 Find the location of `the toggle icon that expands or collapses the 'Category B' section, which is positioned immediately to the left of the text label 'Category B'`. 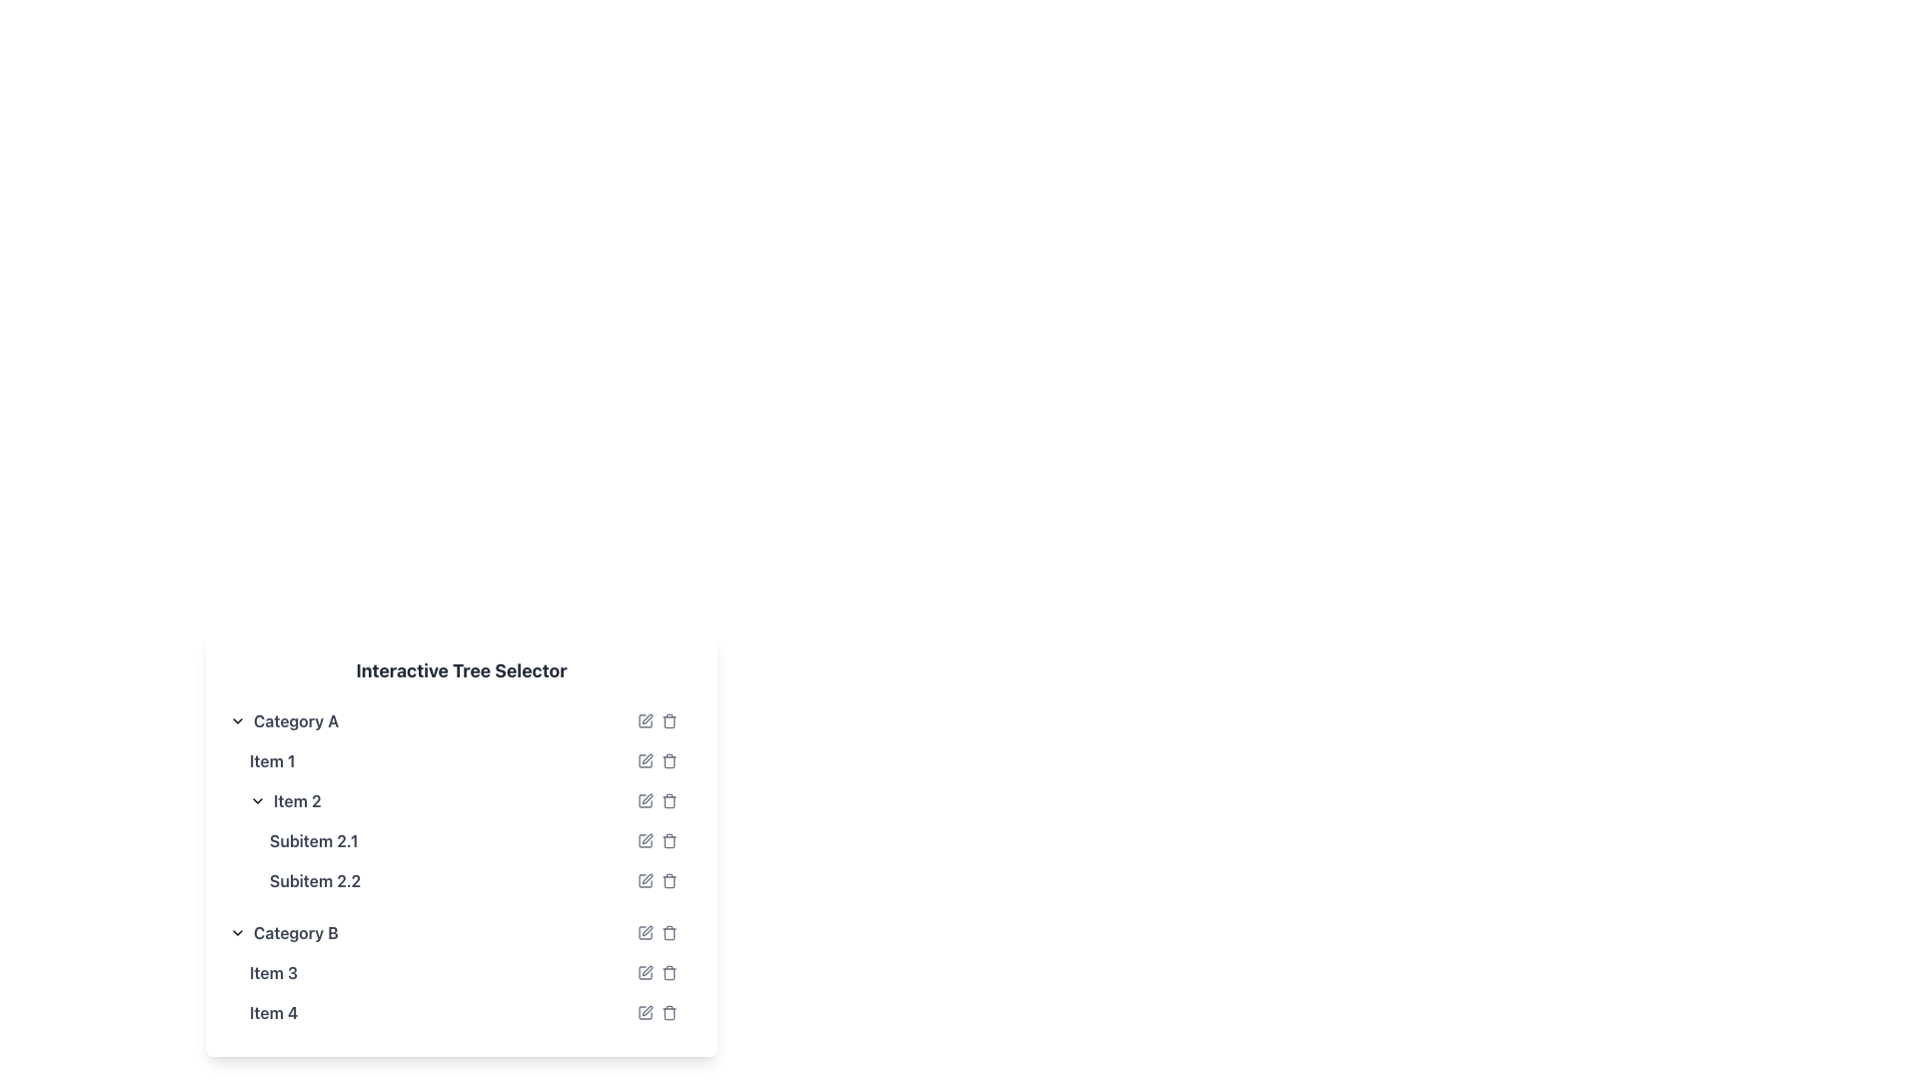

the toggle icon that expands or collapses the 'Category B' section, which is positioned immediately to the left of the text label 'Category B' is located at coordinates (238, 932).